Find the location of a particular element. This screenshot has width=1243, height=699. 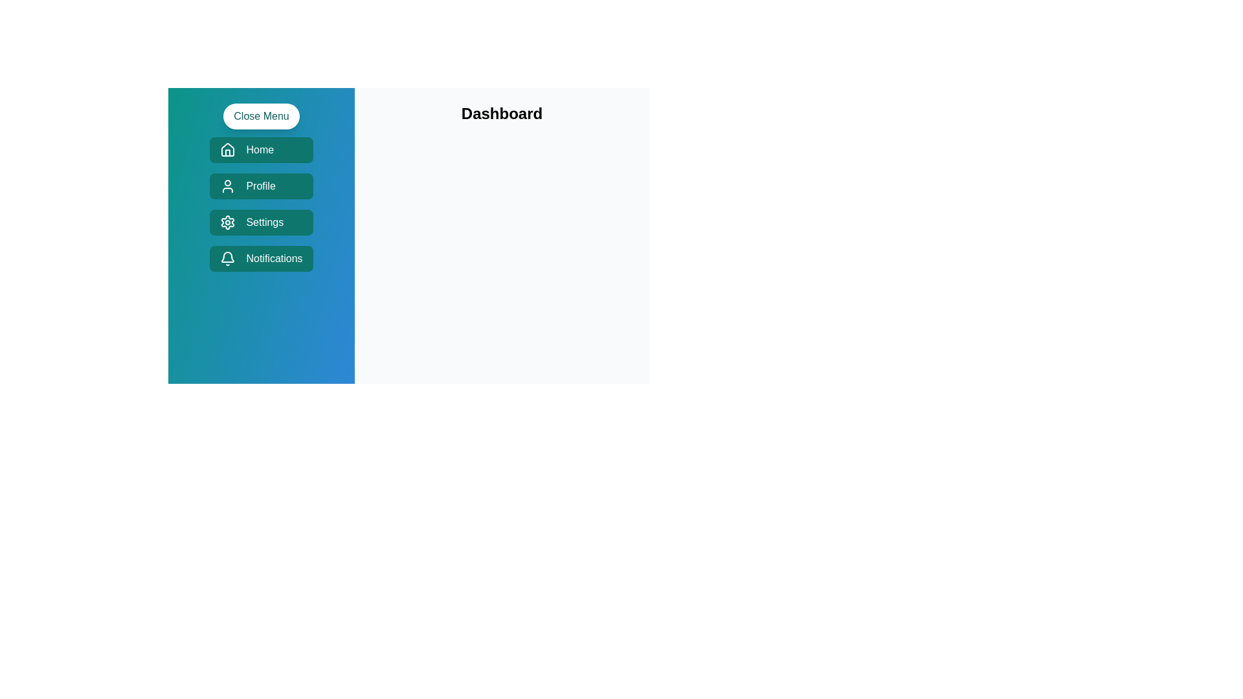

the teal rectangular button labeled 'Profile' located below the 'Home' button and above the 'Settings' button in the left sidebar is located at coordinates (260, 186).